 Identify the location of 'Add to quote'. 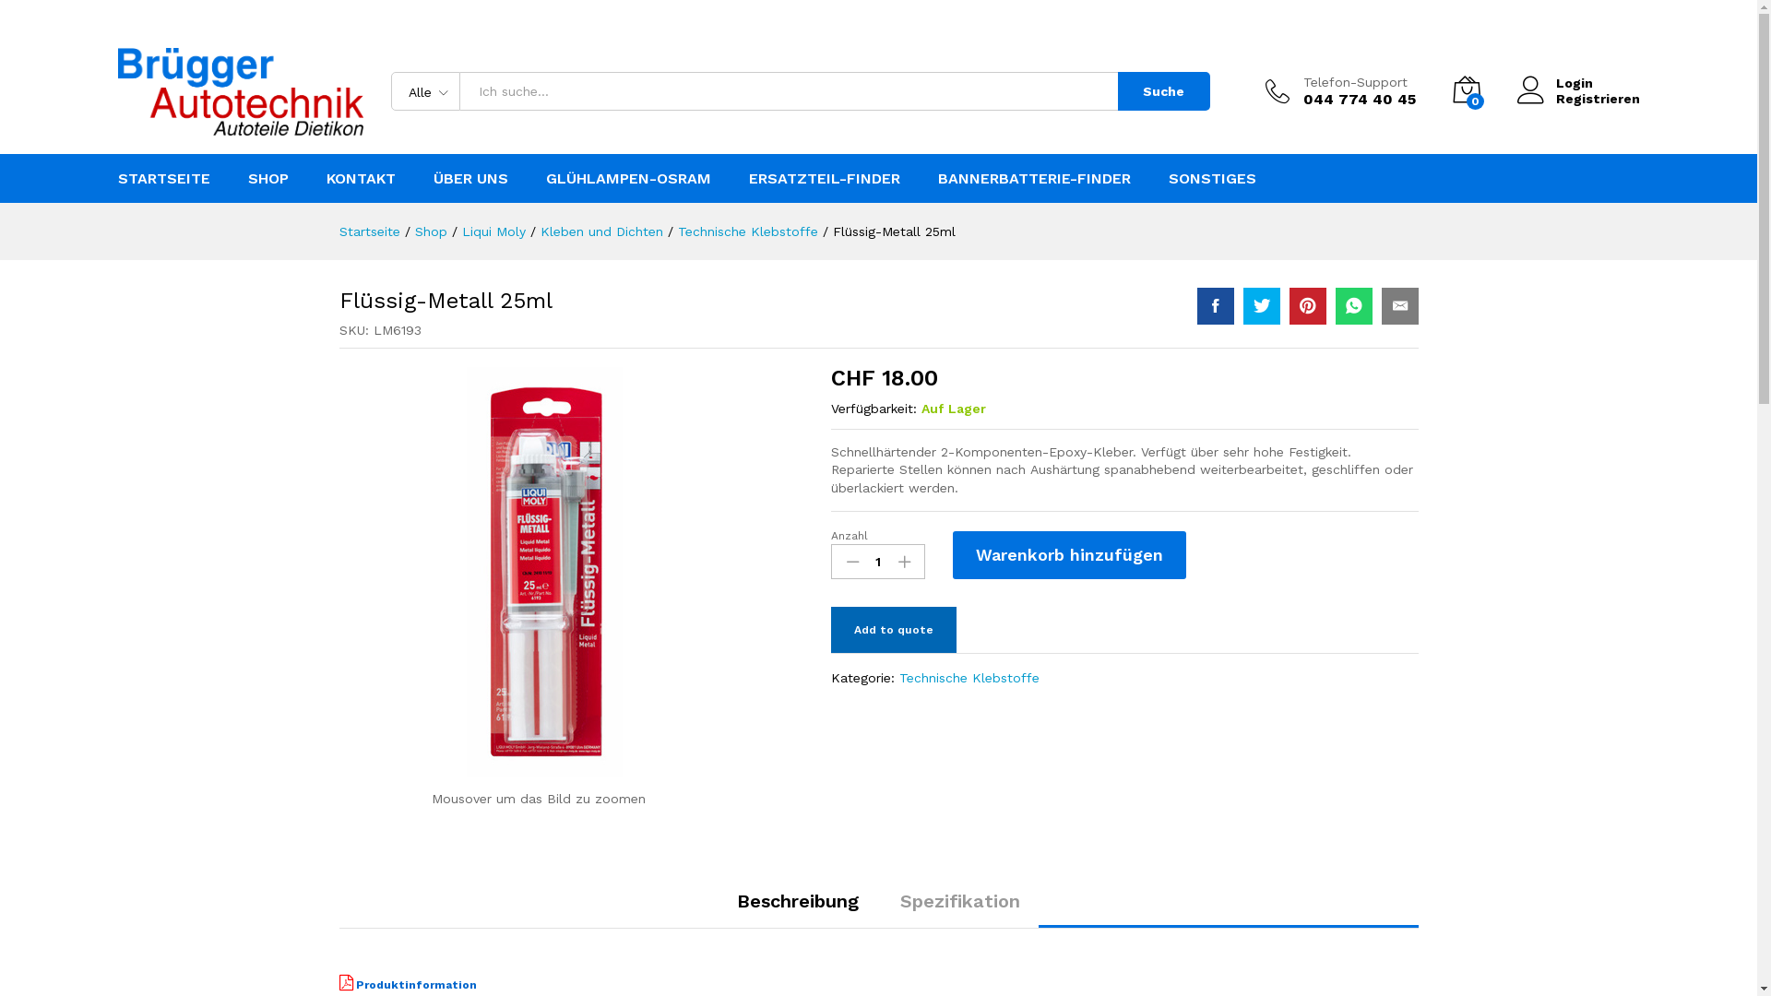
(894, 628).